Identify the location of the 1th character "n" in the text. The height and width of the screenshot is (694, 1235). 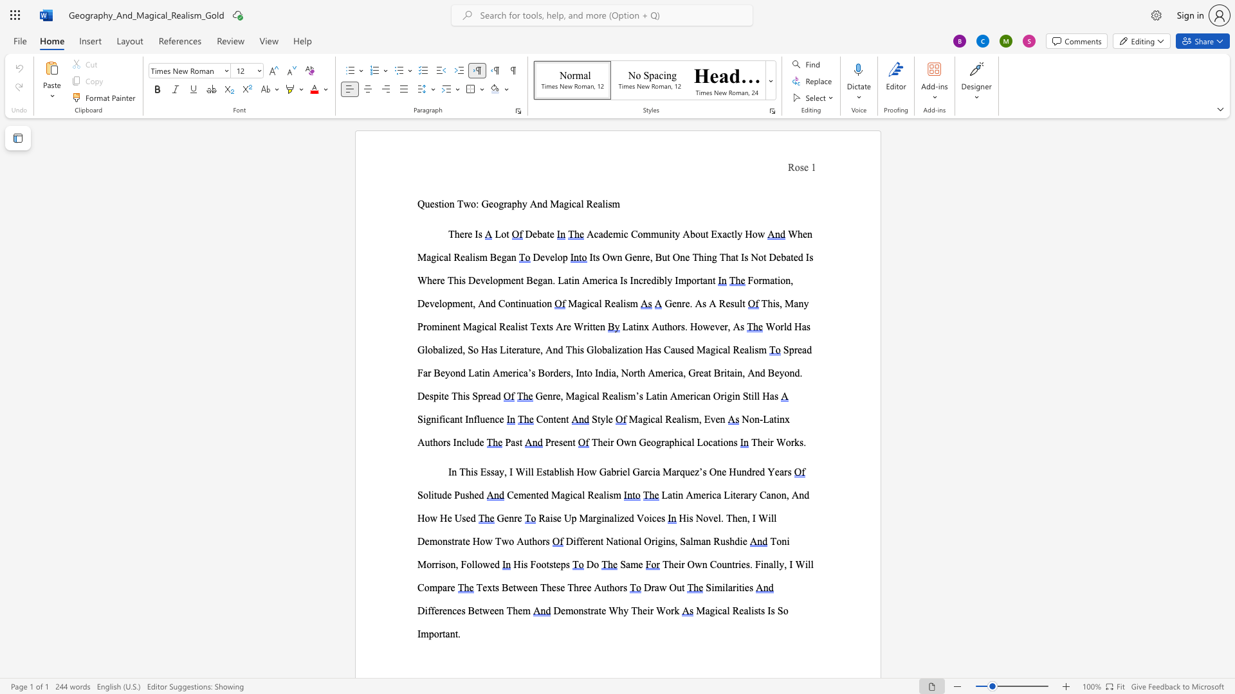
(452, 203).